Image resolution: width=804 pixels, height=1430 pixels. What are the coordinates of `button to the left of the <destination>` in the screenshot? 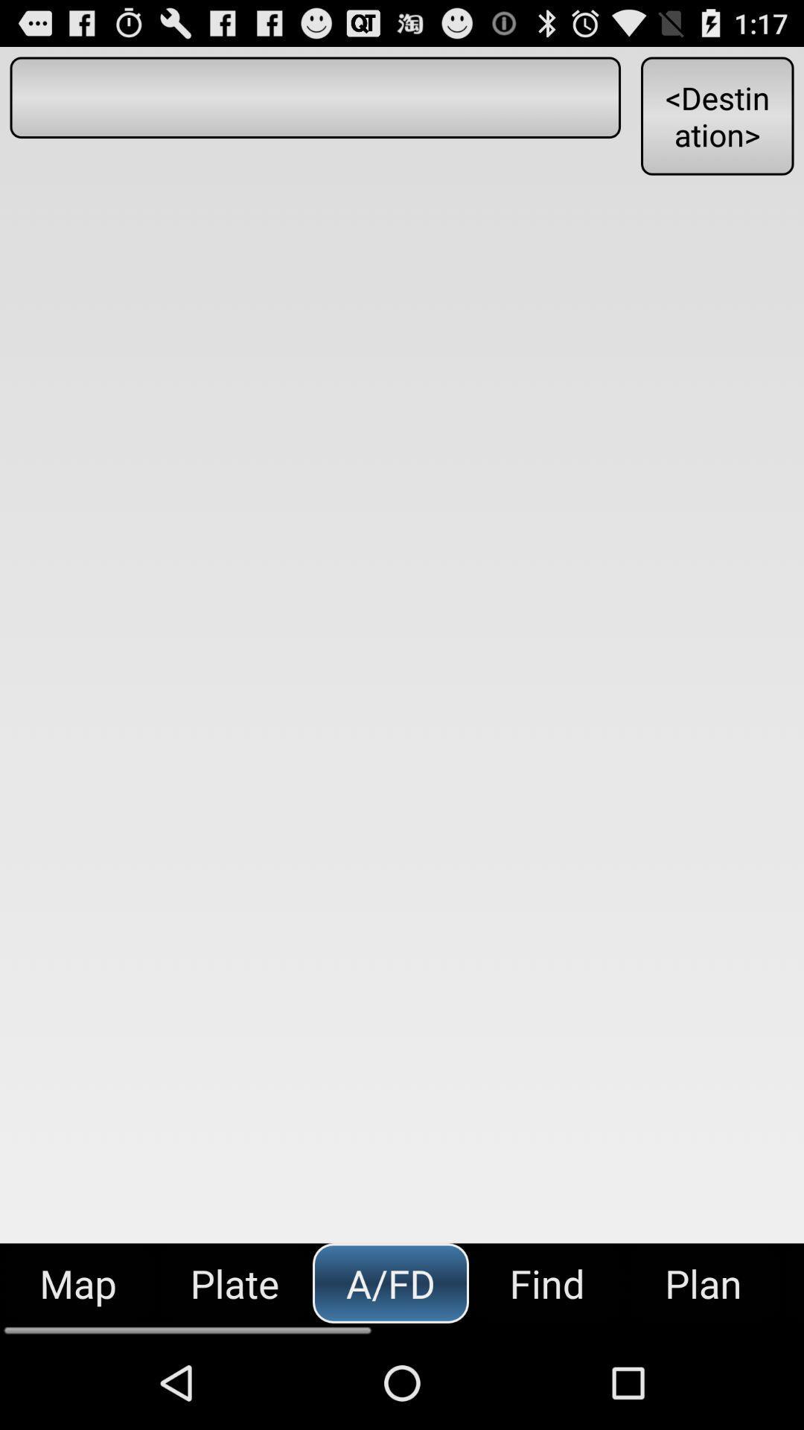 It's located at (314, 97).